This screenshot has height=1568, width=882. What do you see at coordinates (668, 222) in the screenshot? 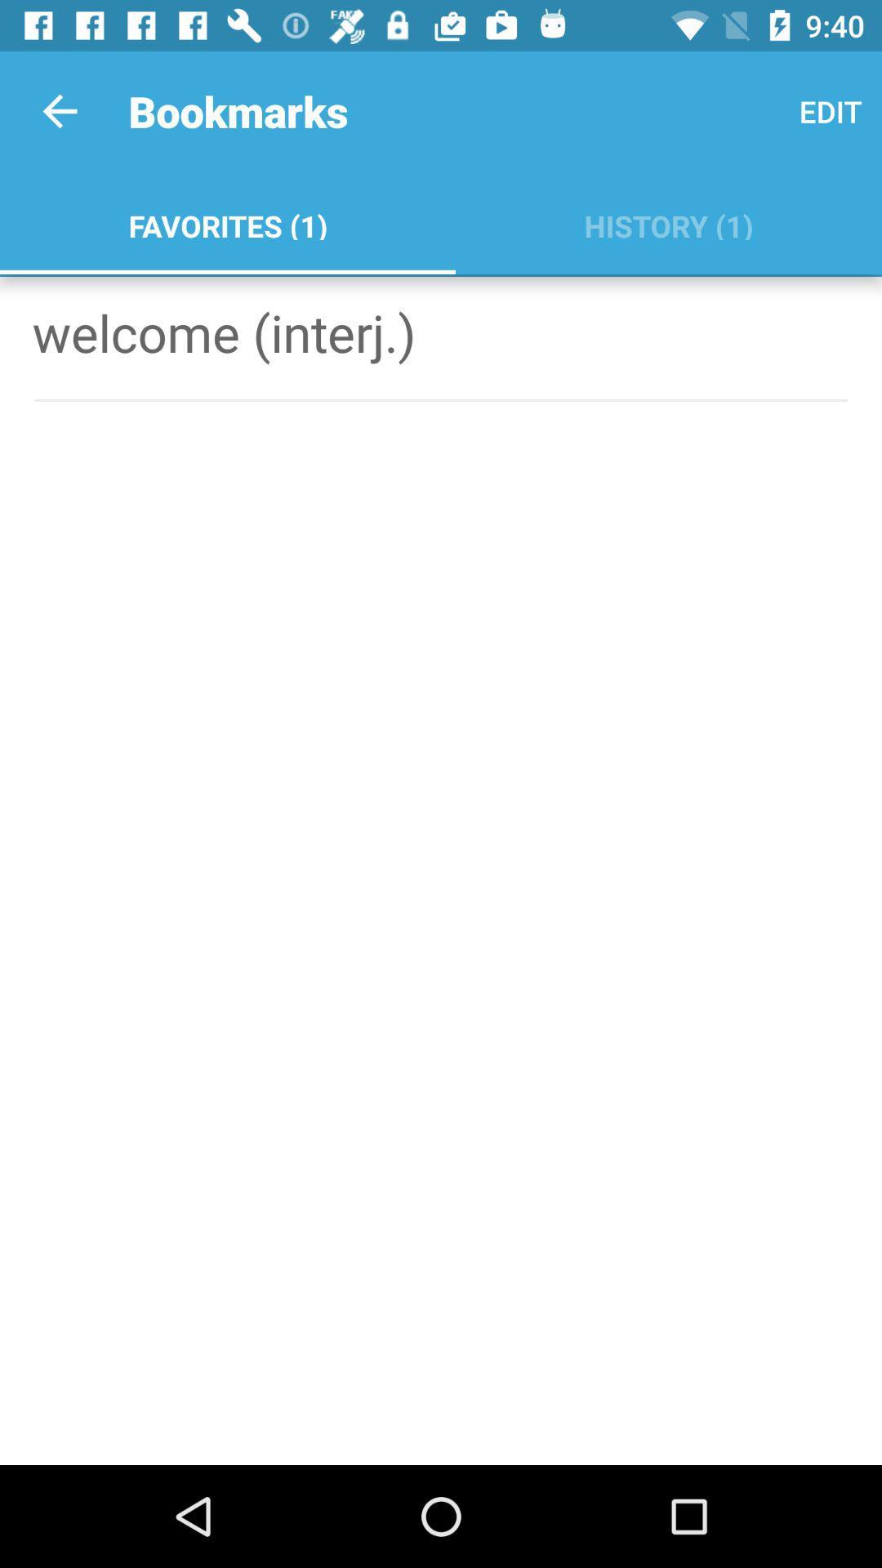
I see `the item to the right of the favorites (1) item` at bounding box center [668, 222].